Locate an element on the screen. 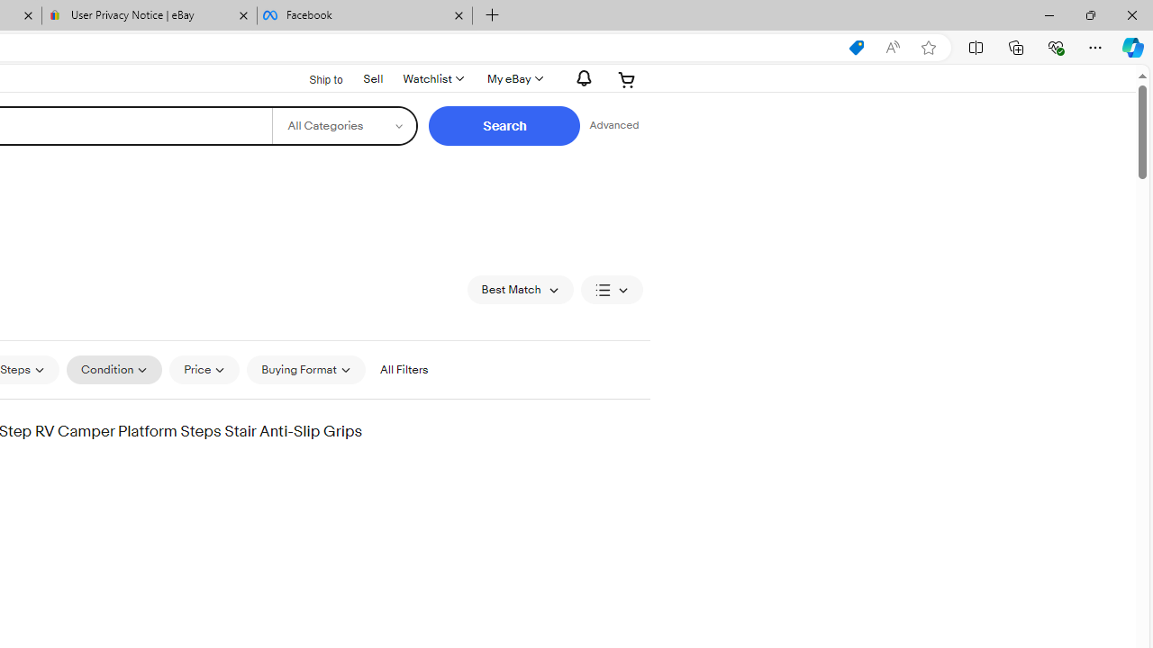 The width and height of the screenshot is (1153, 648). 'This site has coupons! Shopping in Microsoft Edge' is located at coordinates (856, 47).